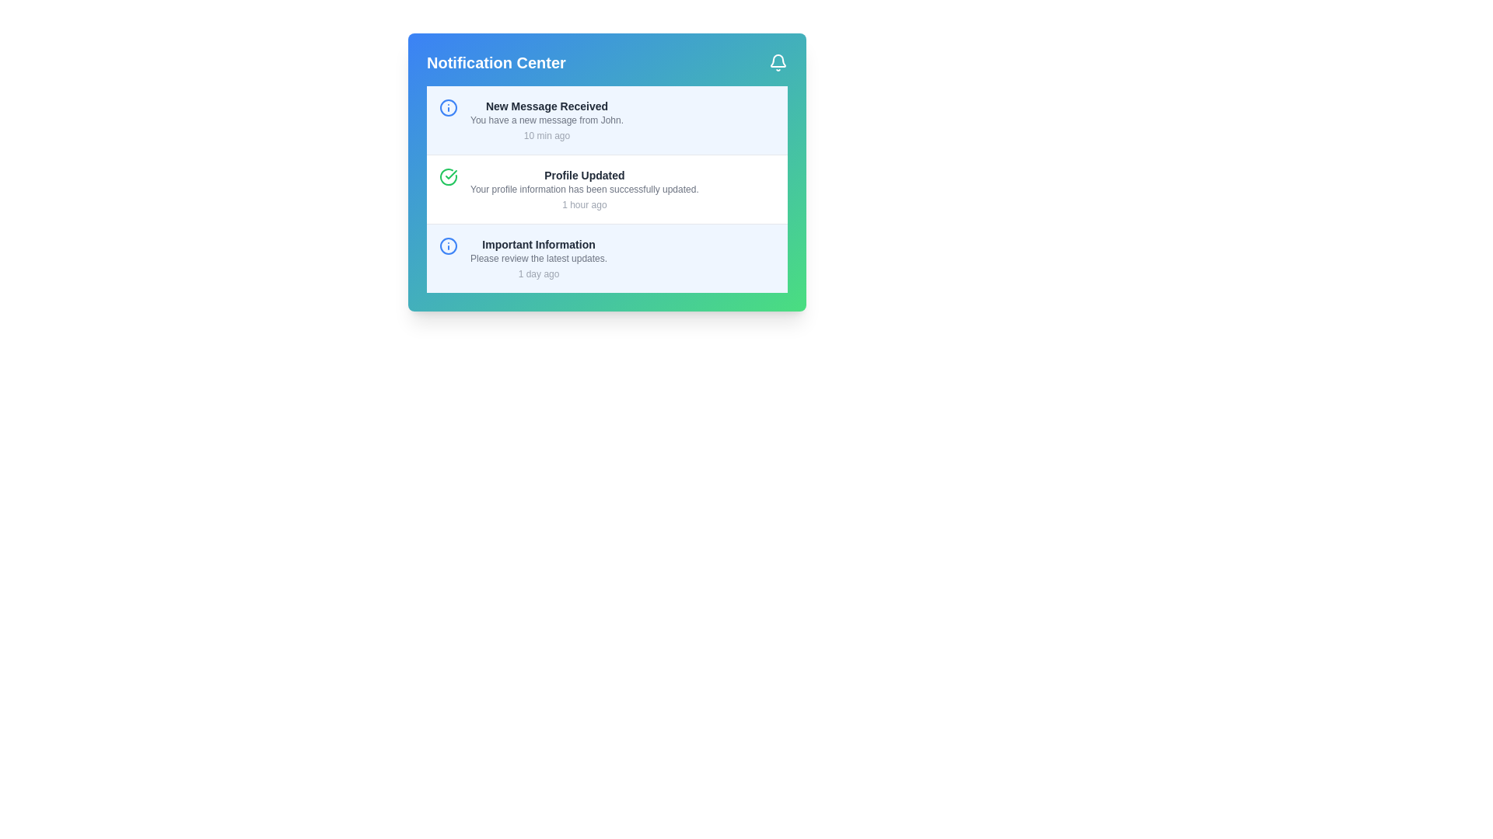  I want to click on the text label that displays 'You have a new message from John.' located beneath the title 'New Message Received' in the notification card, so click(547, 119).